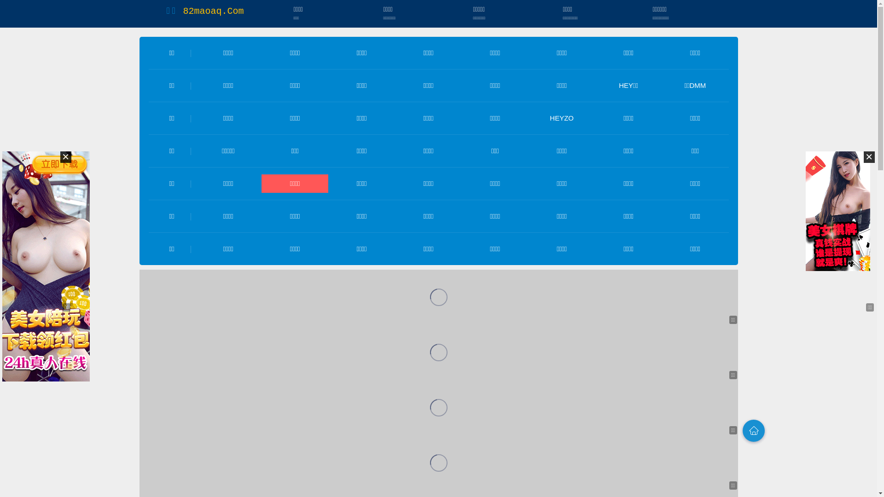  Describe the element at coordinates (561, 117) in the screenshot. I see `'HEYZO'` at that location.